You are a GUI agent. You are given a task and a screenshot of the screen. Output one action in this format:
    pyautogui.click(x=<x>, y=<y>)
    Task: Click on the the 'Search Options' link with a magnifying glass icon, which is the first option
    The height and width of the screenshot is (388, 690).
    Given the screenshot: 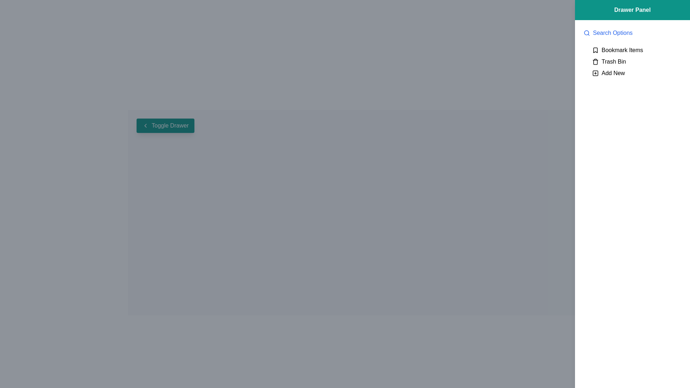 What is the action you would take?
    pyautogui.click(x=608, y=33)
    